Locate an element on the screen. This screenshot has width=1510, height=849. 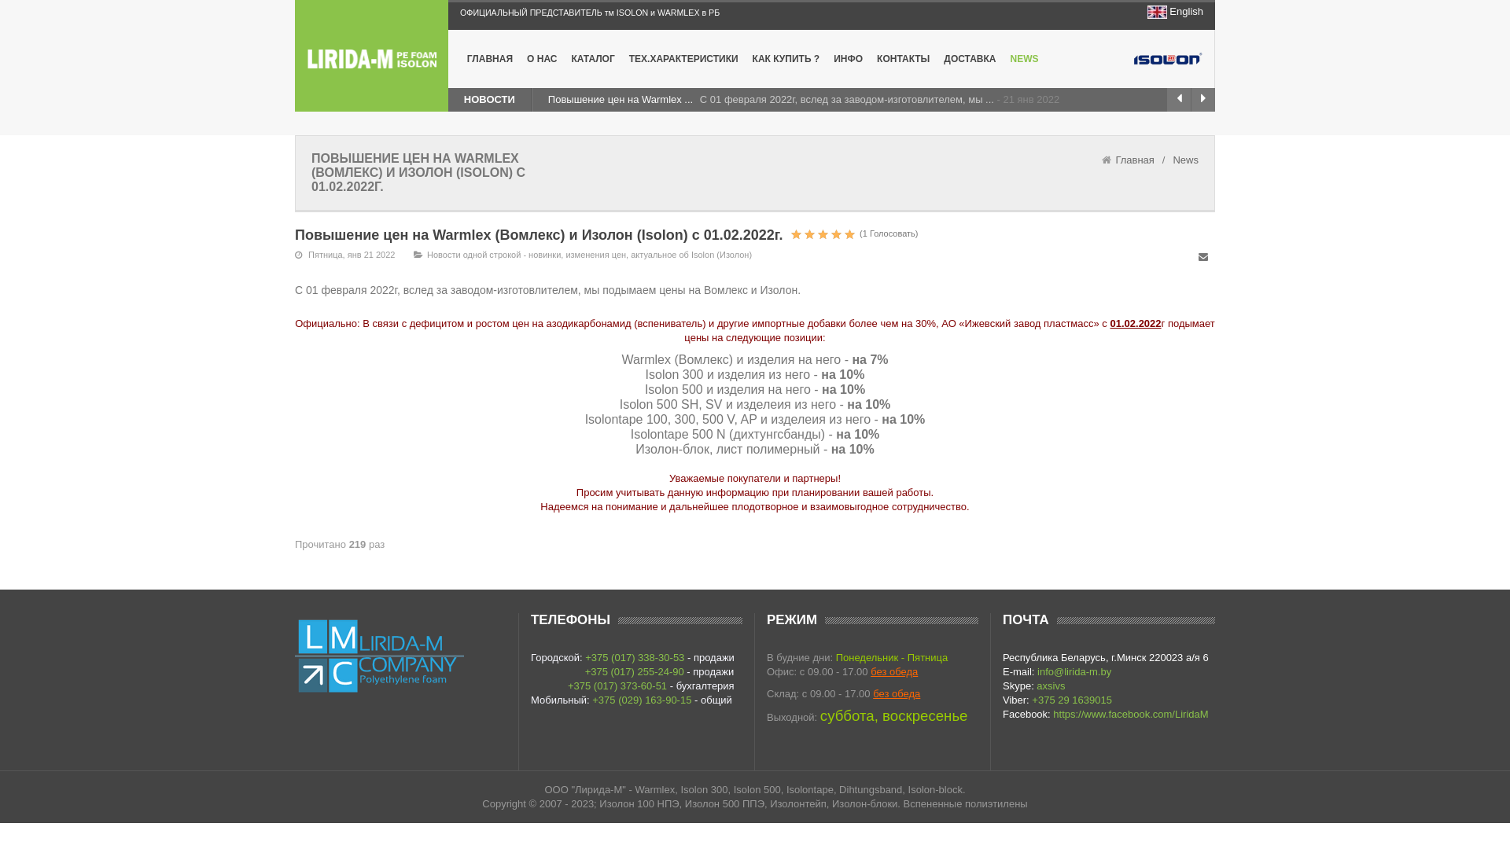
'5' is located at coordinates (822, 233).